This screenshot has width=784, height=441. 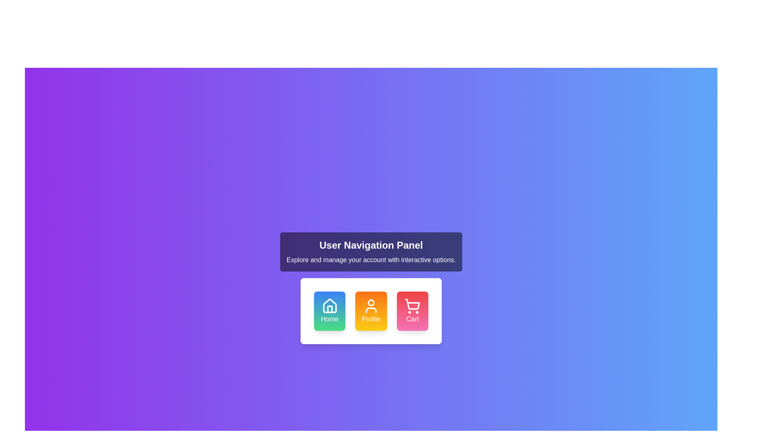 I want to click on the 'Profile' button, which is a rectangular button with a gradient from yellow to orange and contains a user icon and the label 'Profile' underneath, to observe the hover effect, so click(x=370, y=311).